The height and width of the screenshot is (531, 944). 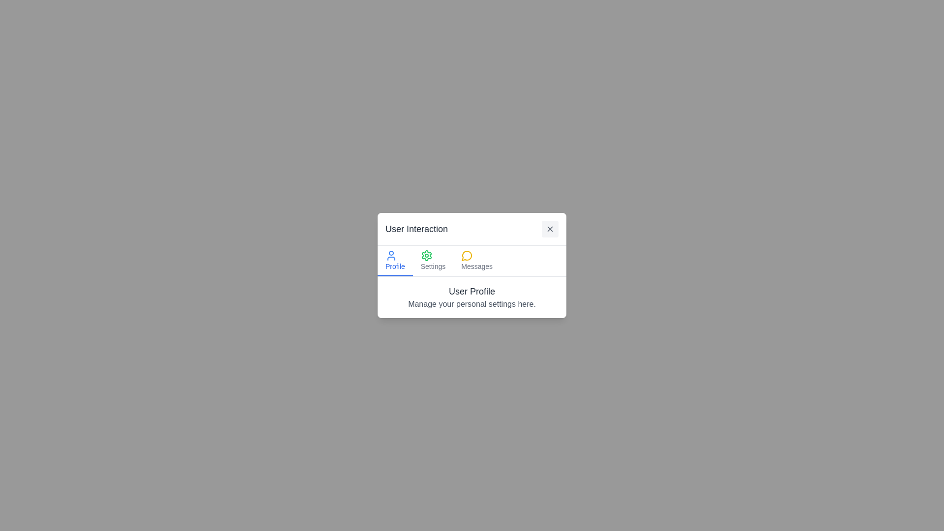 I want to click on the 'Profile' button, which is a small blue icon resembling a user avatar with the text 'Profile' underneath, so click(x=395, y=261).